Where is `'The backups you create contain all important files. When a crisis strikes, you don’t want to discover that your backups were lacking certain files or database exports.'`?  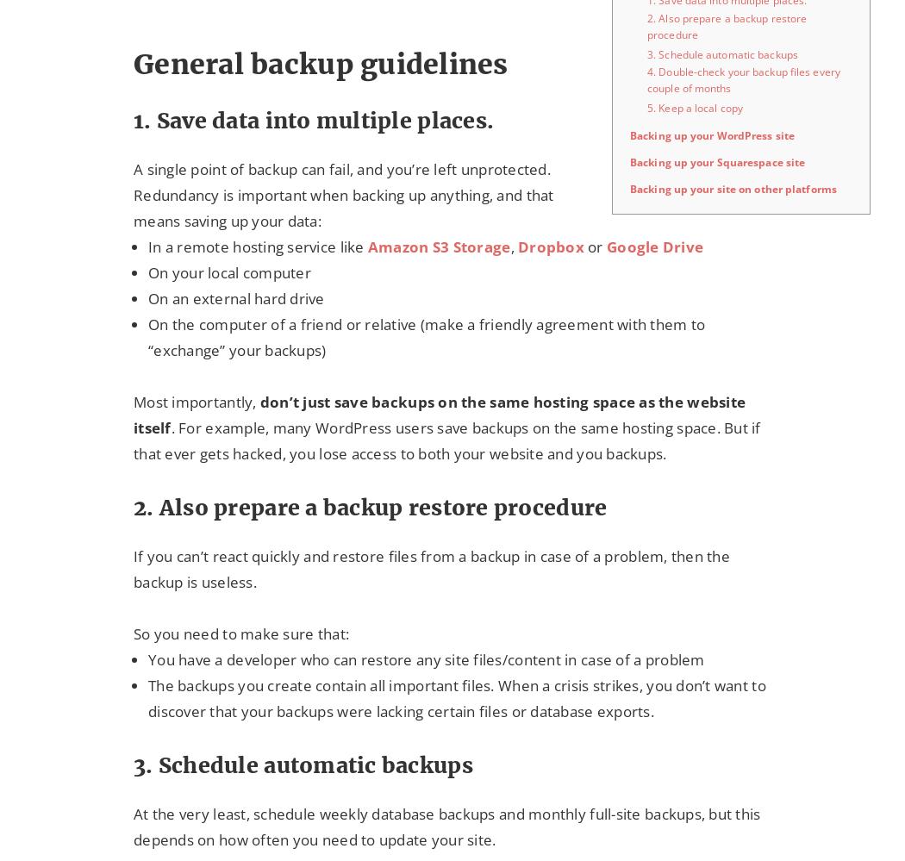 'The backups you create contain all important files. When a crisis strikes, you don’t want to discover that your backups were lacking certain files or database exports.' is located at coordinates (457, 698).